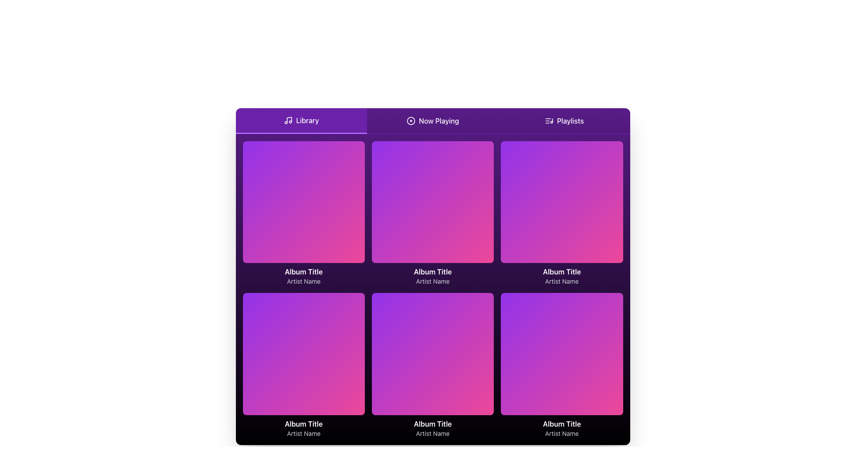 The height and width of the screenshot is (475, 845). I want to click on the album card with a gradient background transitioning from purple to pink, featuring the title 'Album Title' and subtitle 'Artist Name', so click(304, 365).